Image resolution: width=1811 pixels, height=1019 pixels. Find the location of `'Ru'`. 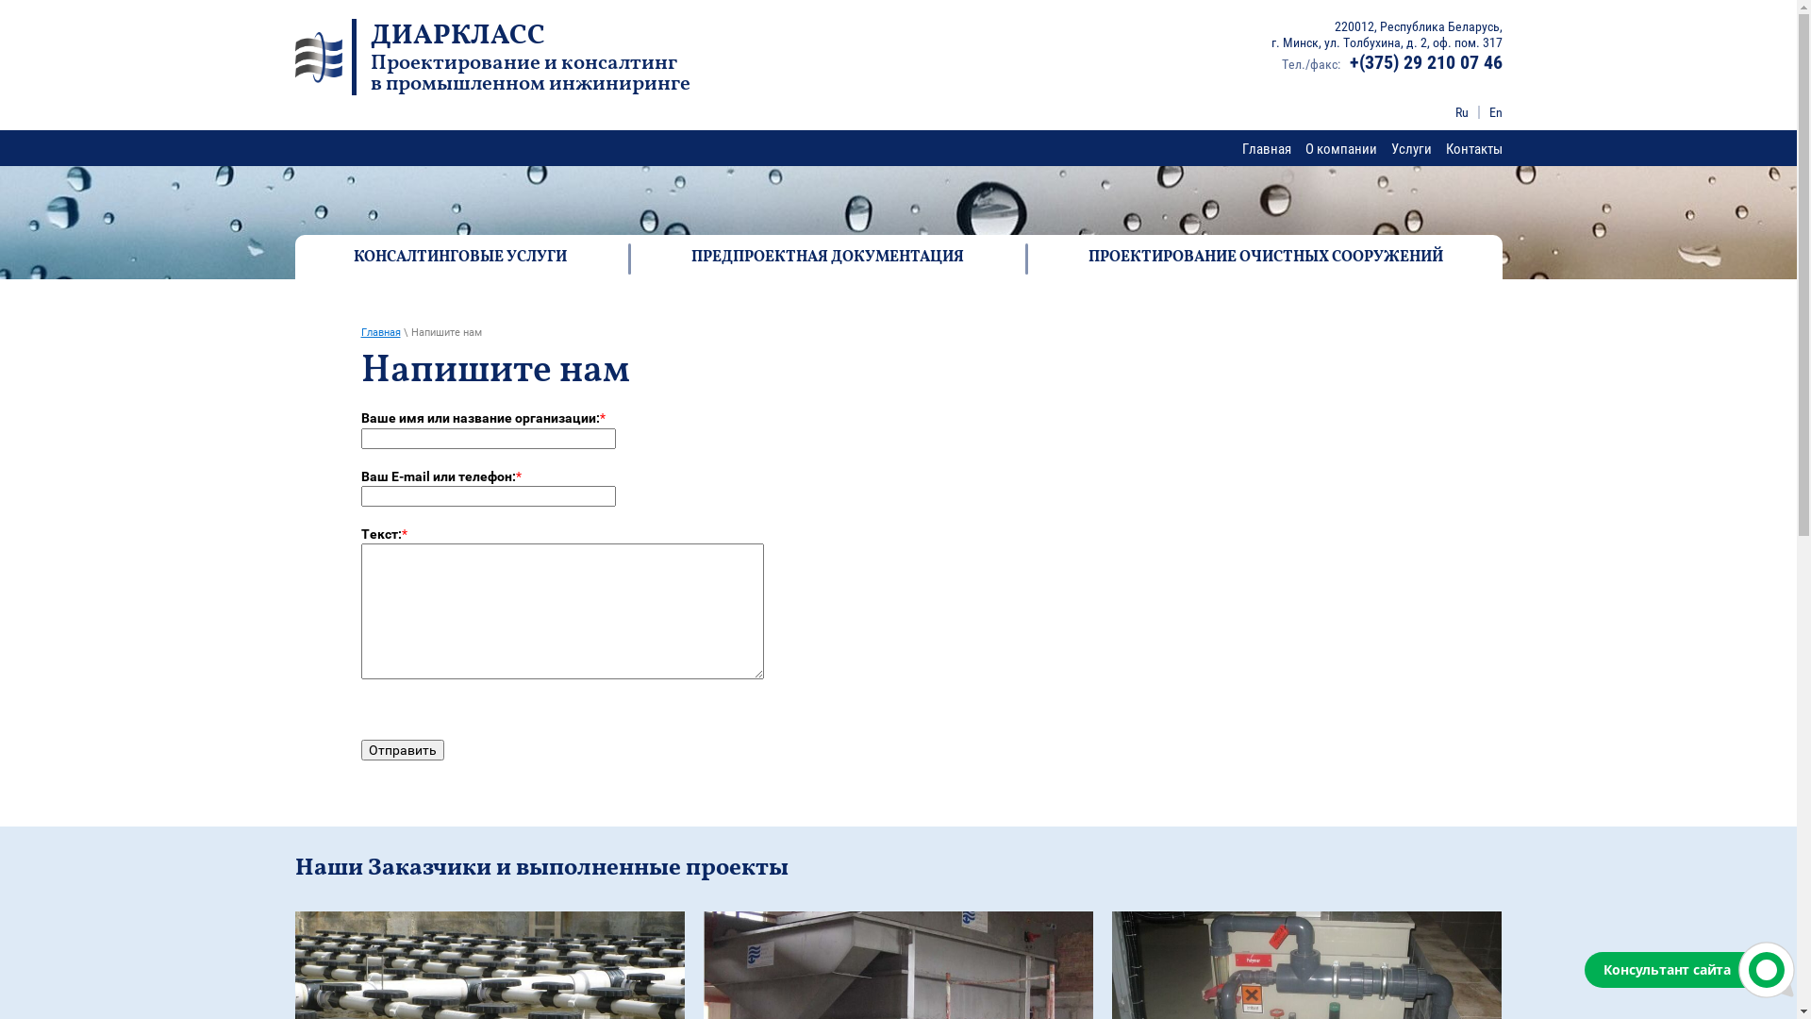

'Ru' is located at coordinates (1460, 112).